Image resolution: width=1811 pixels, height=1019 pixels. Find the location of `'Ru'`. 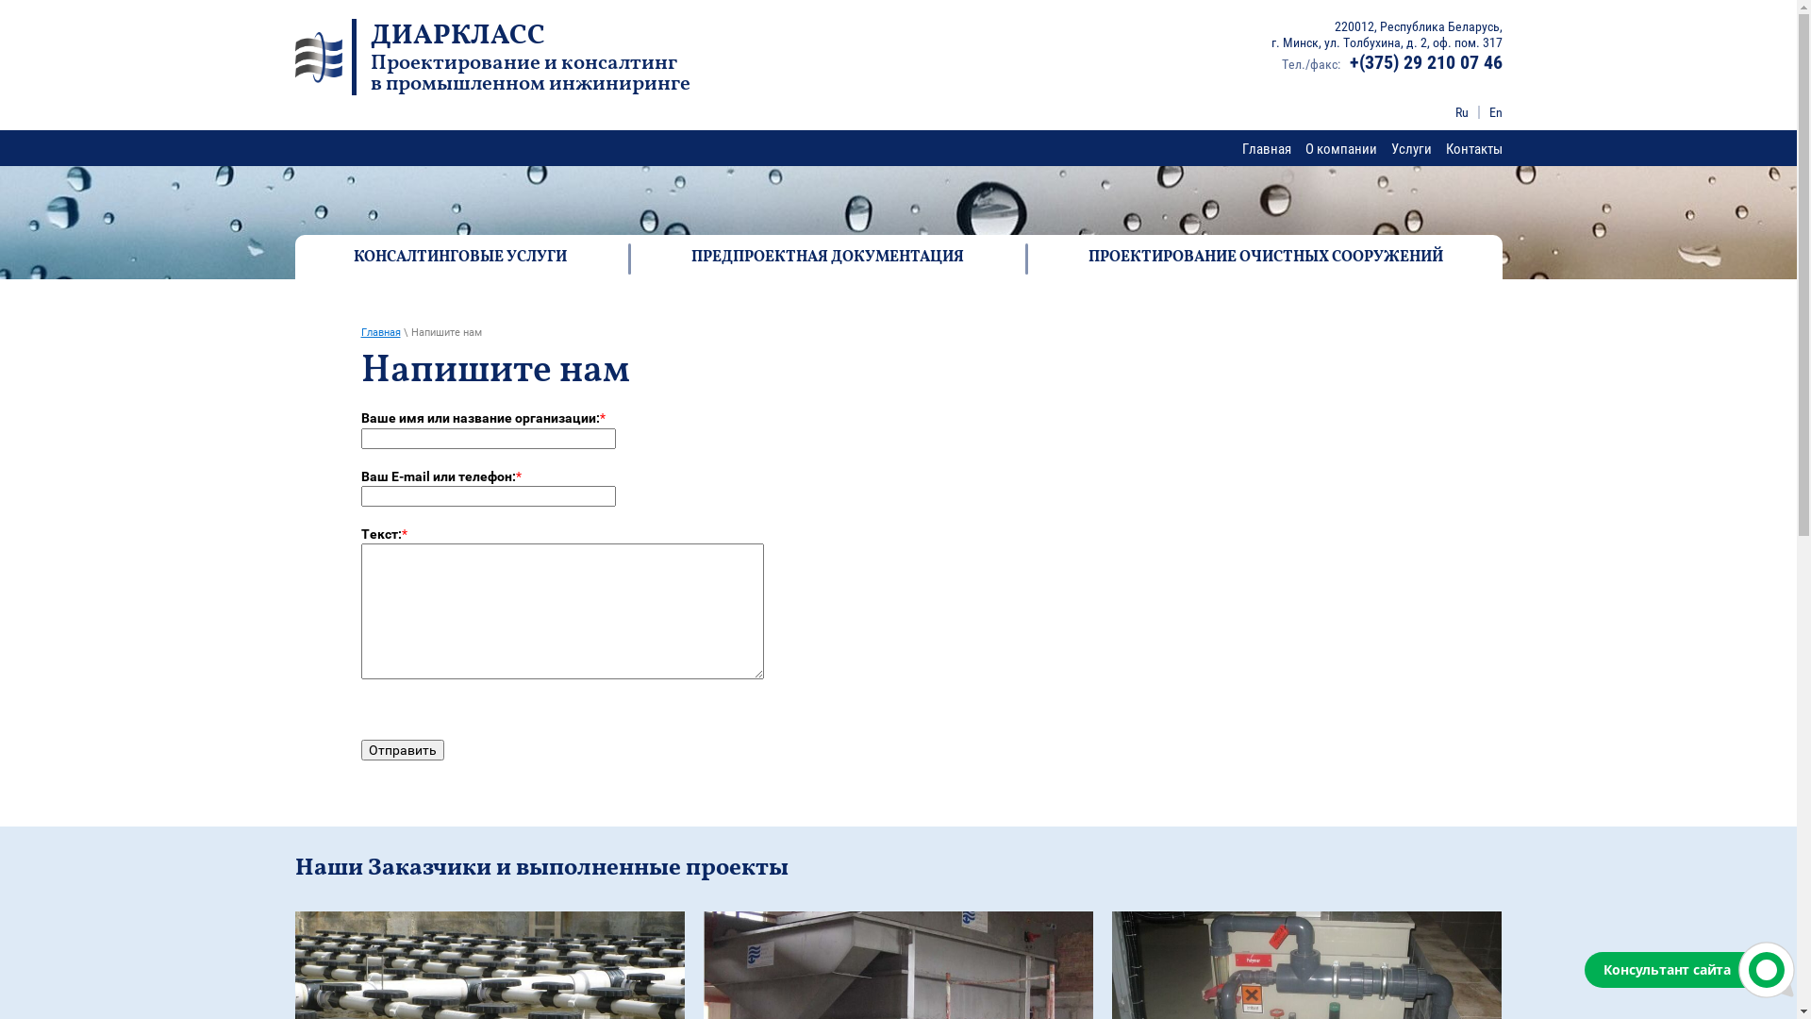

'Ru' is located at coordinates (1460, 112).